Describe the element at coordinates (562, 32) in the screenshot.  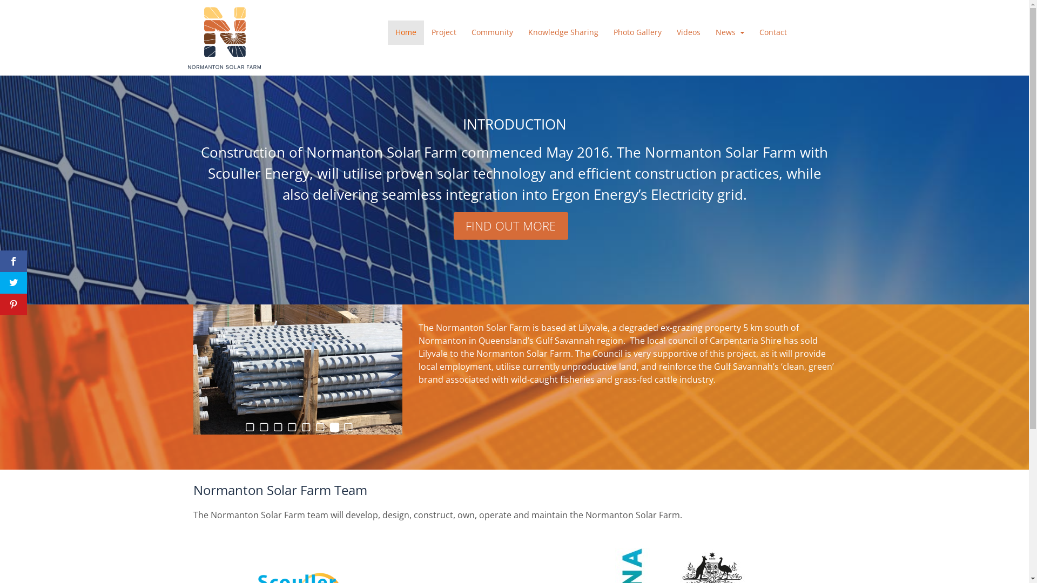
I see `'Knowledge Sharing'` at that location.